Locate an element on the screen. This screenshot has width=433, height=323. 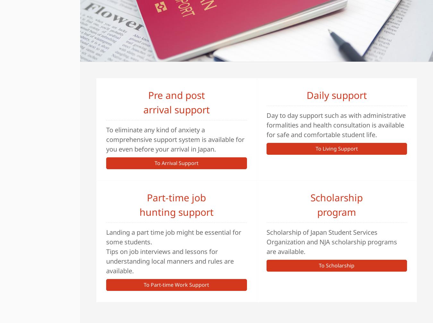
'Pre and post' is located at coordinates (176, 94).